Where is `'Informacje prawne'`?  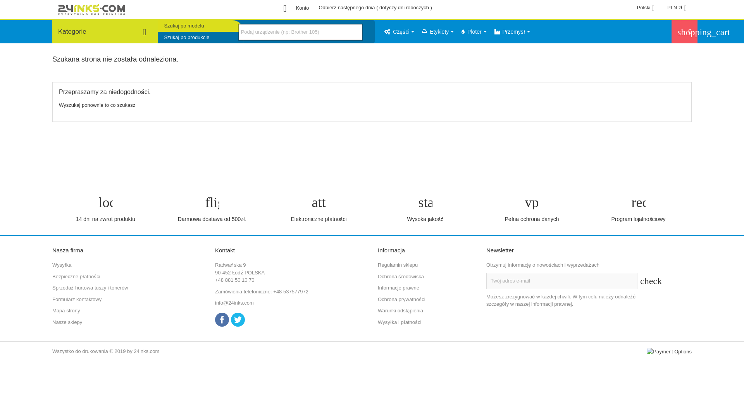
'Informacje prawne' is located at coordinates (398, 288).